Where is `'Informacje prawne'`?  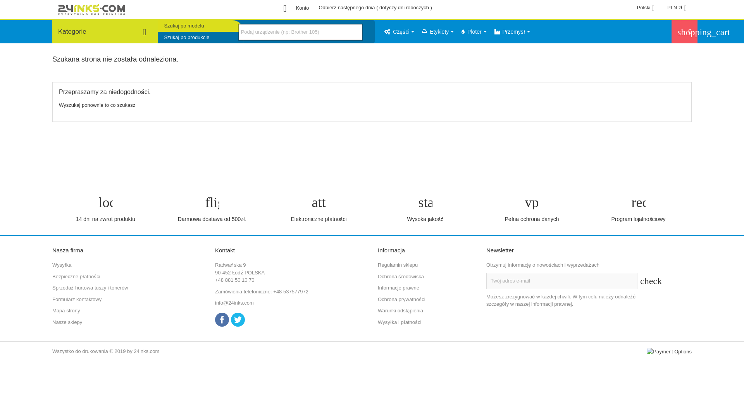
'Informacje prawne' is located at coordinates (398, 288).